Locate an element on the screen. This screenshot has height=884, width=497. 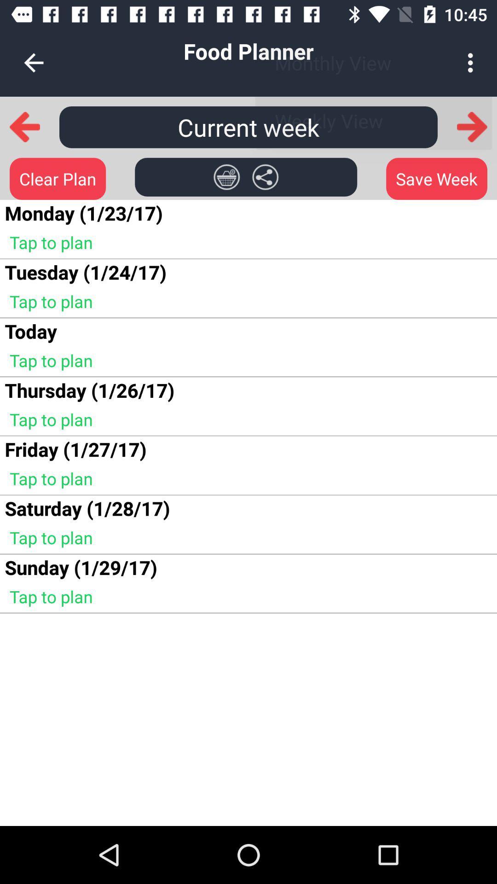
plan is located at coordinates (226, 177).